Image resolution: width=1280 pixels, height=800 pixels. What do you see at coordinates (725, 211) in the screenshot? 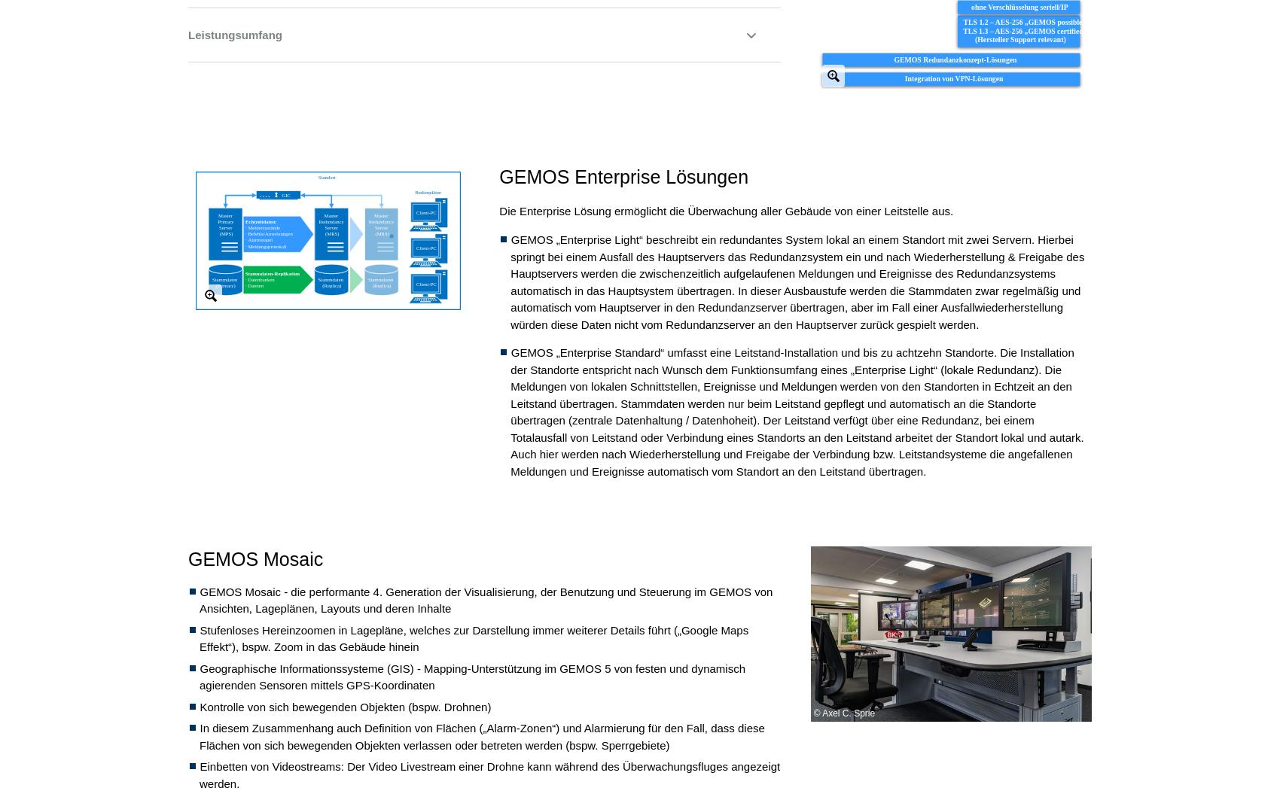
I see `'Die Enterprise Lösung ermöglicht die Überwachung aller Gebäude von einer Leitstelle aus.'` at bounding box center [725, 211].